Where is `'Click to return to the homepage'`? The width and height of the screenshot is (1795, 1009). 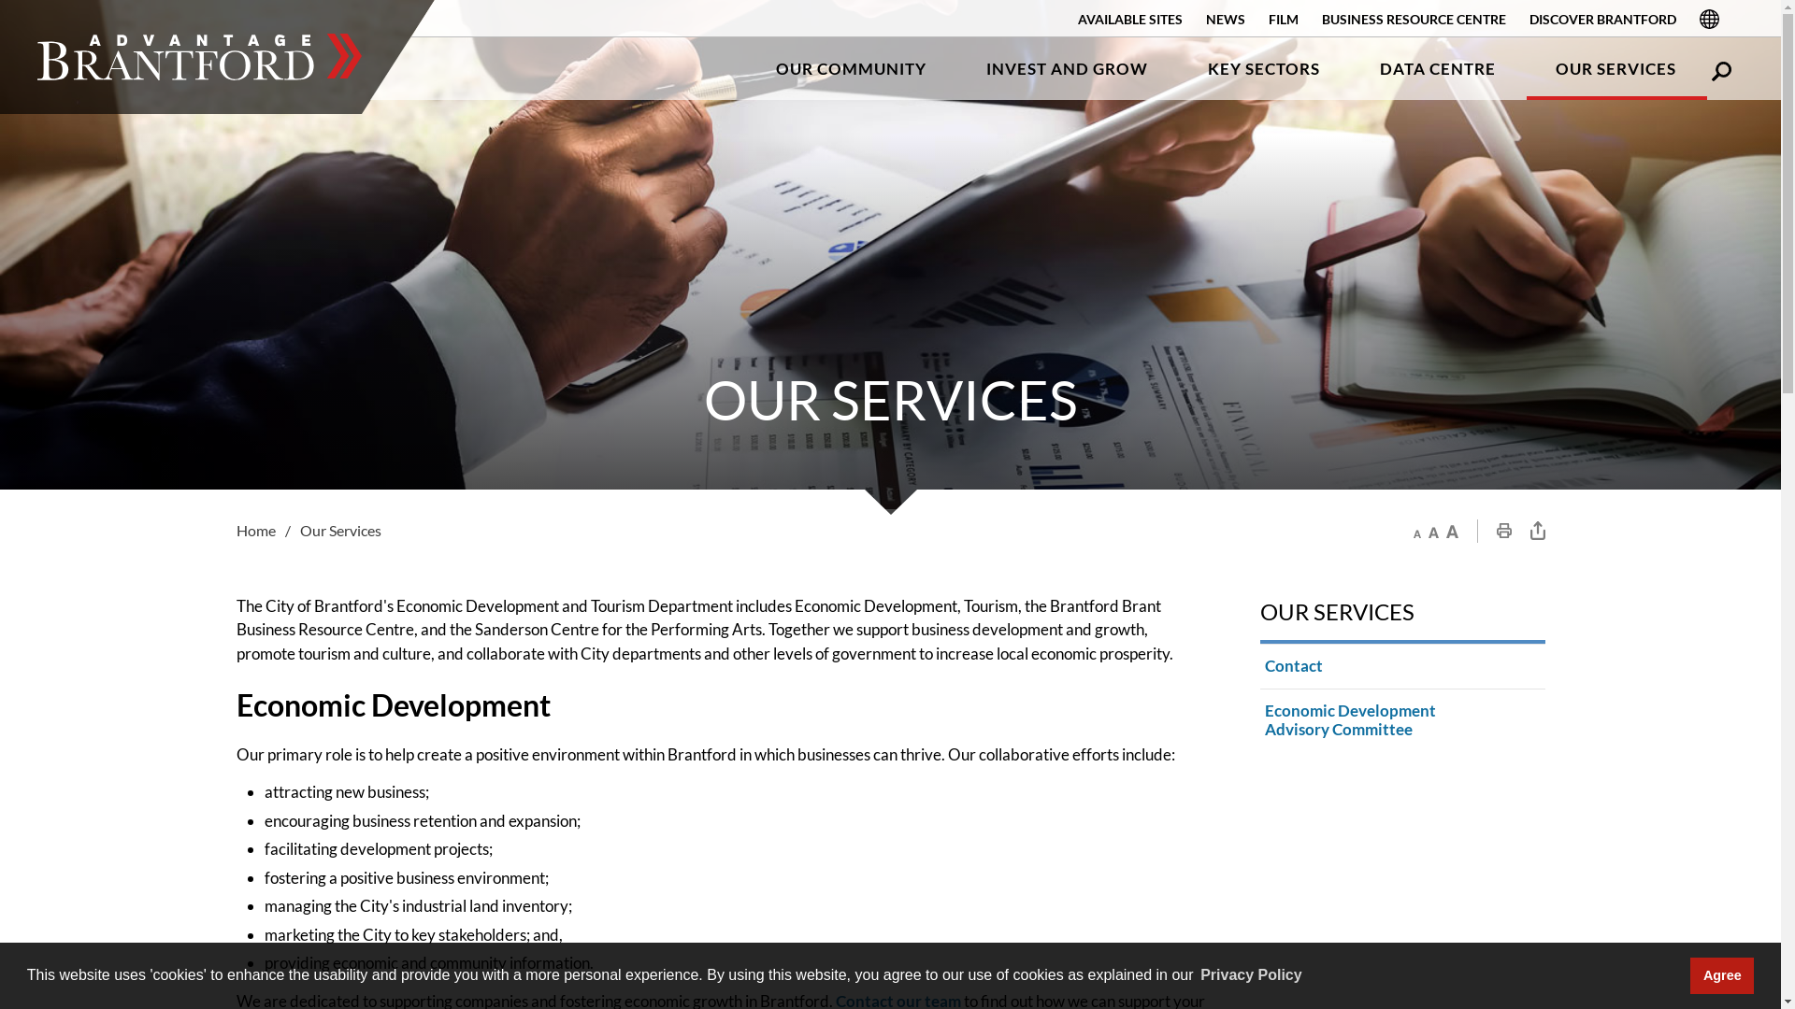 'Click to return to the homepage' is located at coordinates (199, 56).